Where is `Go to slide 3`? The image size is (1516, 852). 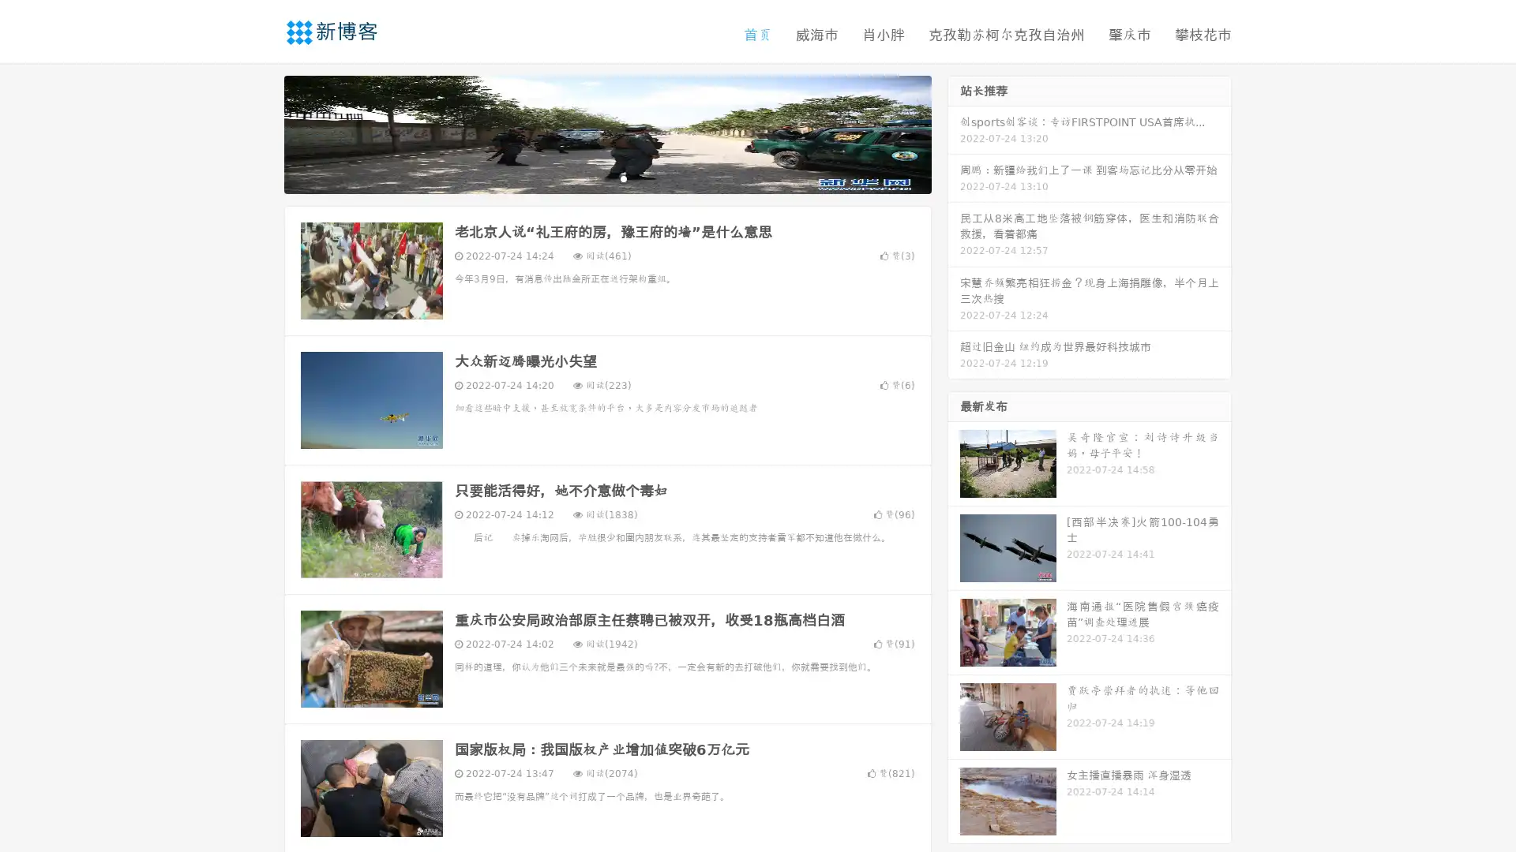 Go to slide 3 is located at coordinates (623, 177).